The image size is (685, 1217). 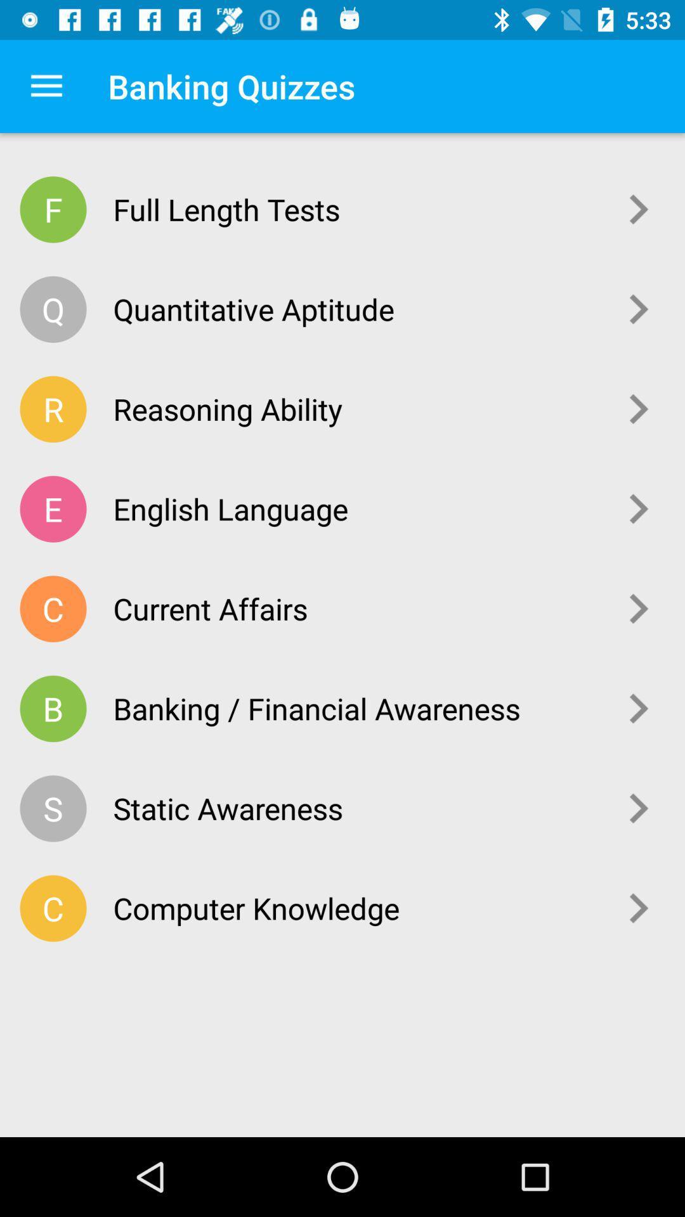 I want to click on the icon to the left of banking / financial awareness item, so click(x=53, y=708).